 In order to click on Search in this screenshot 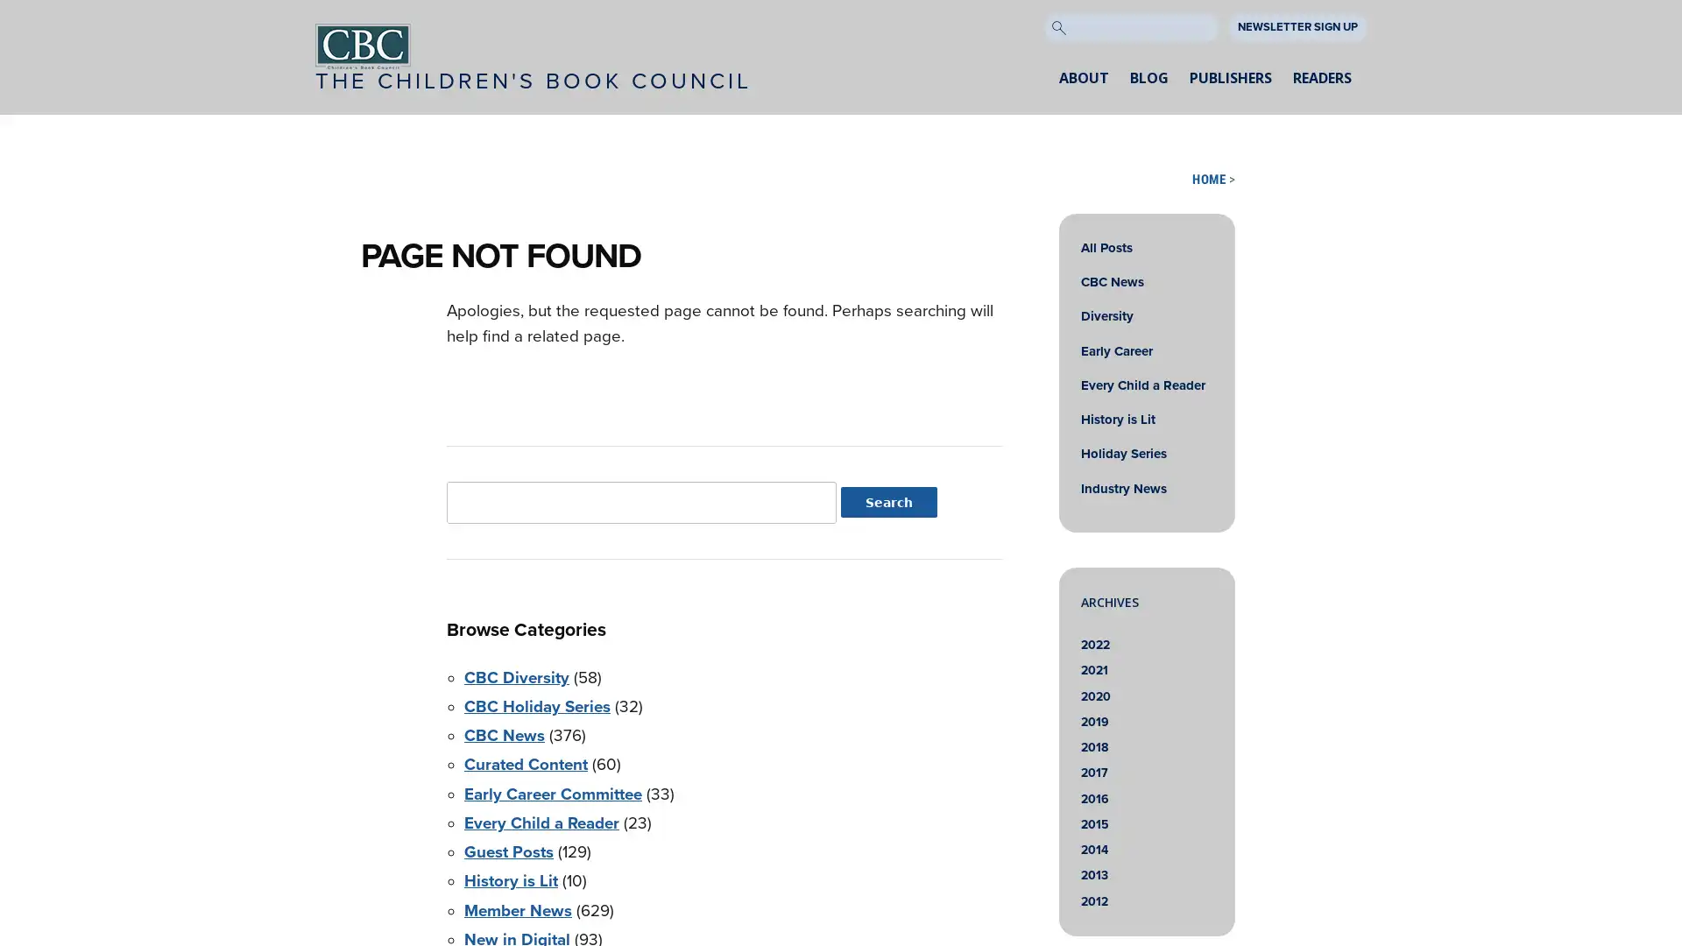, I will do `click(887, 502)`.